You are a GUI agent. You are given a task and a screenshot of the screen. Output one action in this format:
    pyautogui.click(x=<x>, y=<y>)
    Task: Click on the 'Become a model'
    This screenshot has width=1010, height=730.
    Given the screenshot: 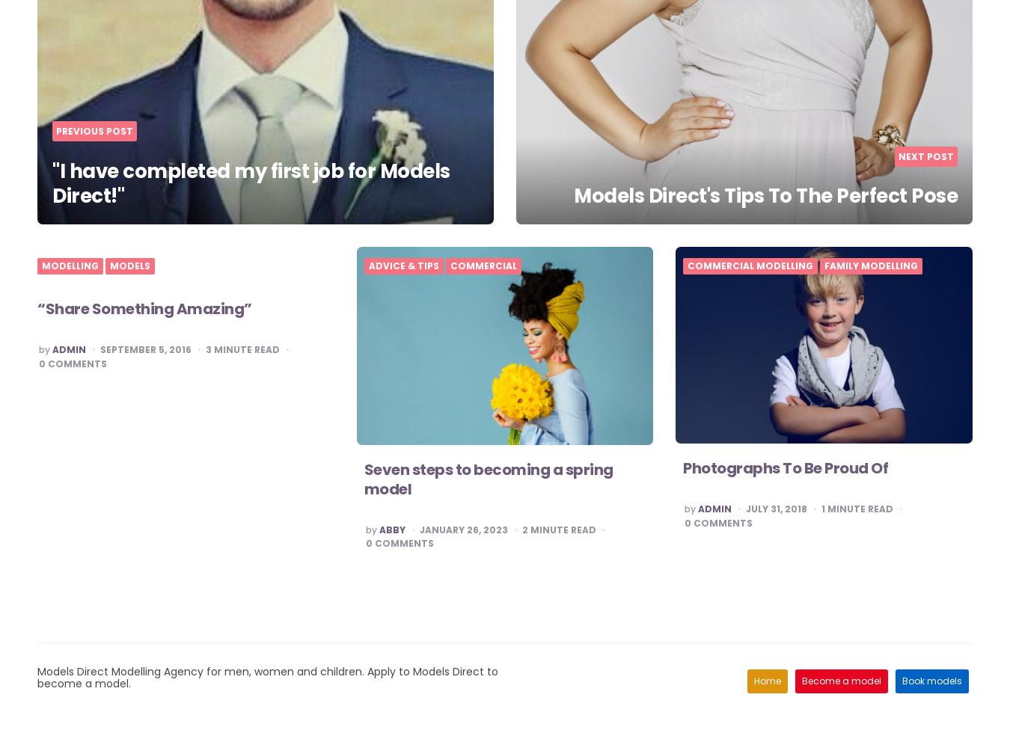 What is the action you would take?
    pyautogui.click(x=841, y=680)
    